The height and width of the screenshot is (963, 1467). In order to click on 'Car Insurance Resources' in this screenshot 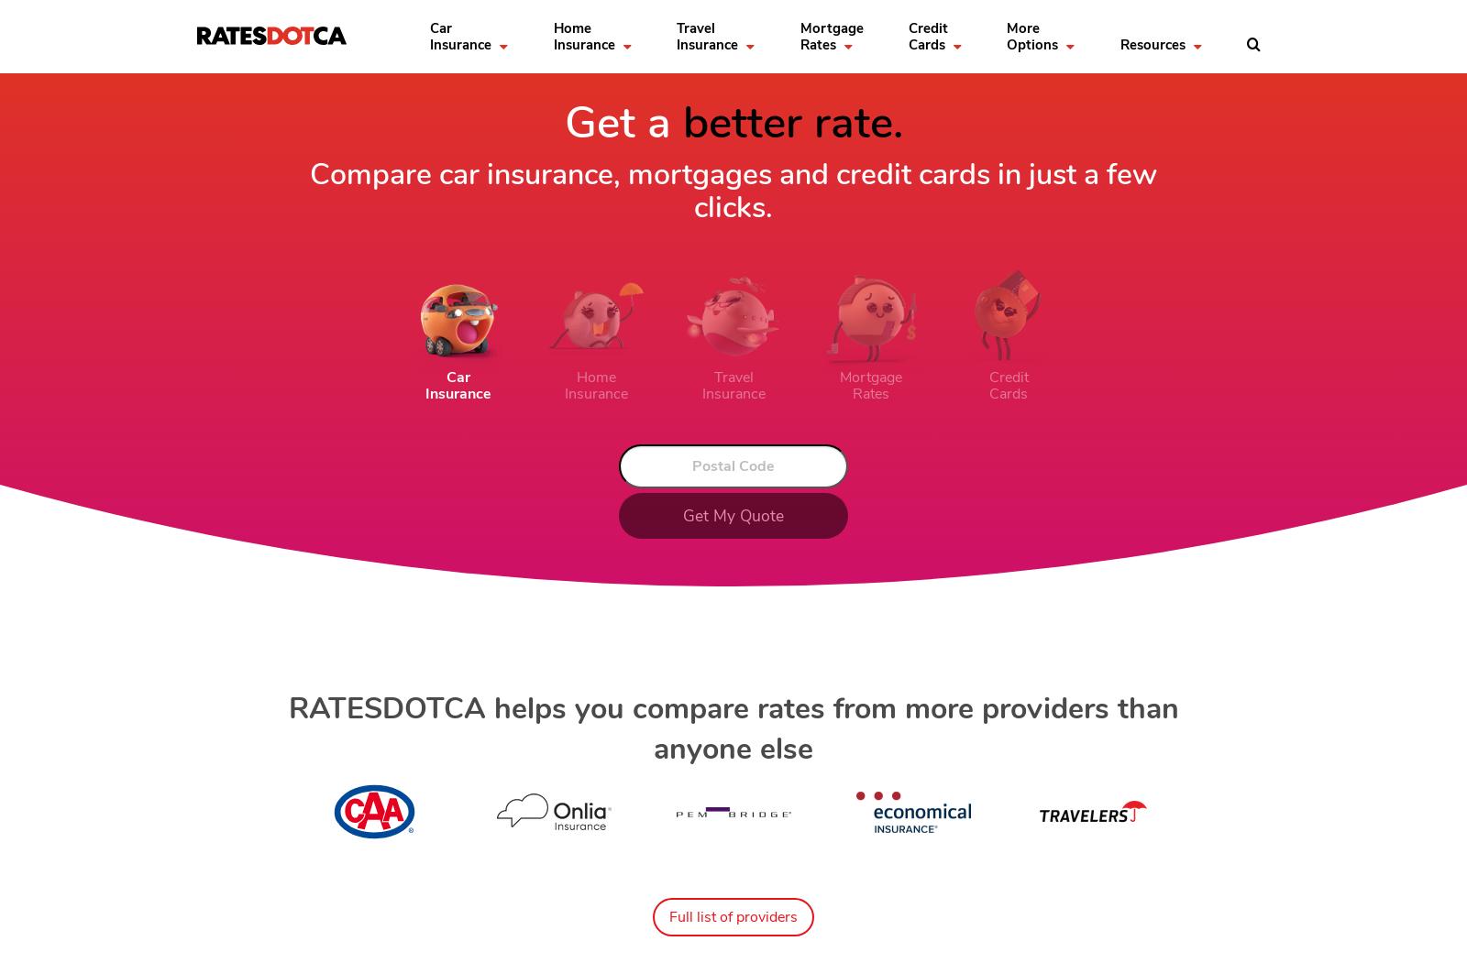, I will do `click(301, 106)`.